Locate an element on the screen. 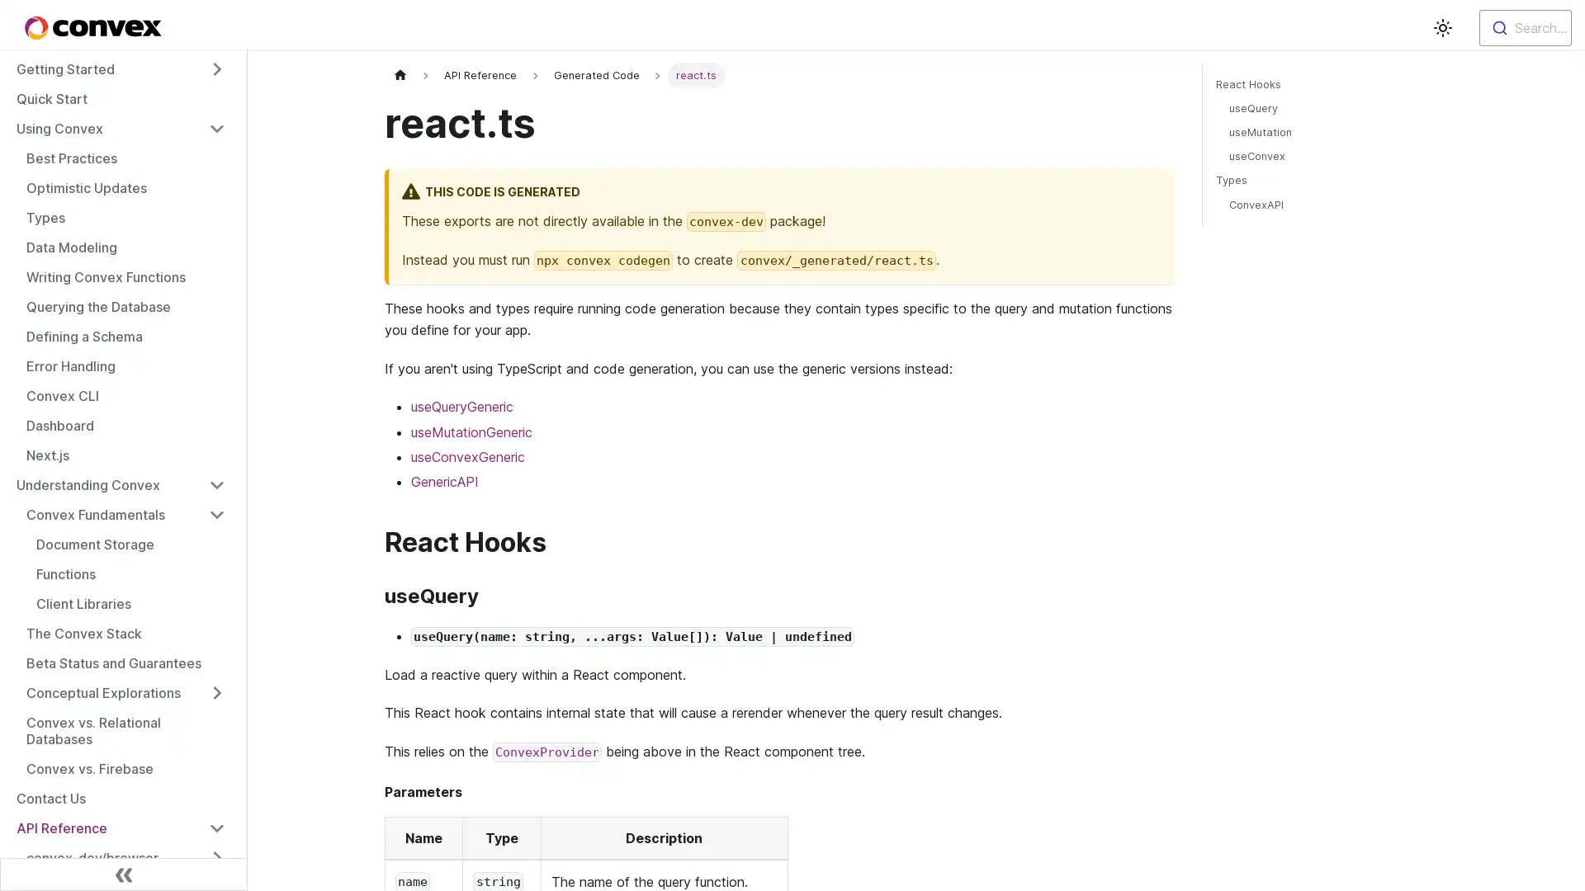 The height and width of the screenshot is (891, 1585). Toggle the collapsible sidebar category 'Conceptual Explorations' is located at coordinates (216, 693).